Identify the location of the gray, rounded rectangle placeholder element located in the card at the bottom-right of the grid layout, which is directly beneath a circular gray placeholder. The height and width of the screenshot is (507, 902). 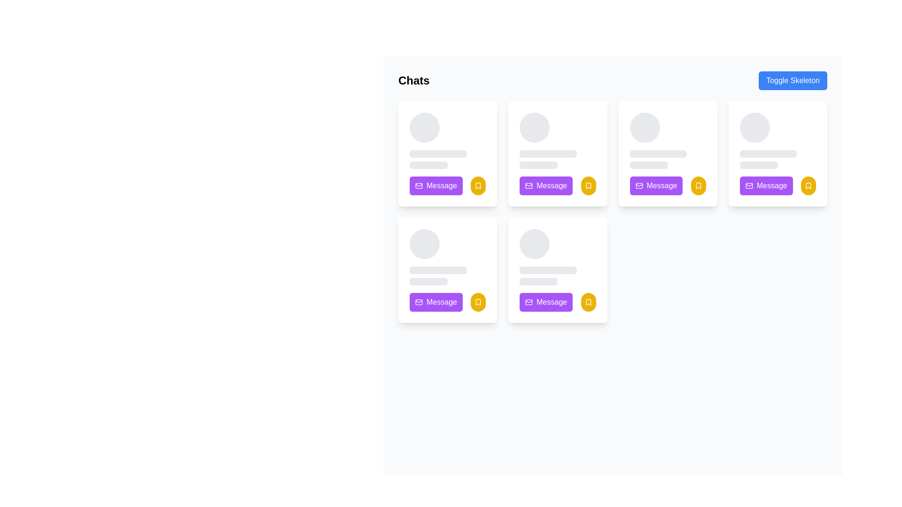
(548, 270).